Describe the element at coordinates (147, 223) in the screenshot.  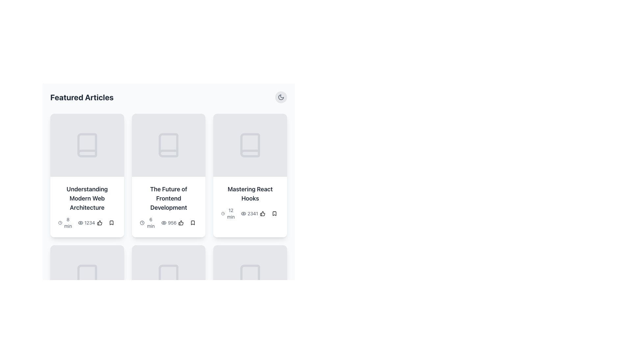
I see `the Informational Label that indicates the estimated reading time for the article, located in the bottom-left section of the second card in the 'Featured Articles' grid` at that location.